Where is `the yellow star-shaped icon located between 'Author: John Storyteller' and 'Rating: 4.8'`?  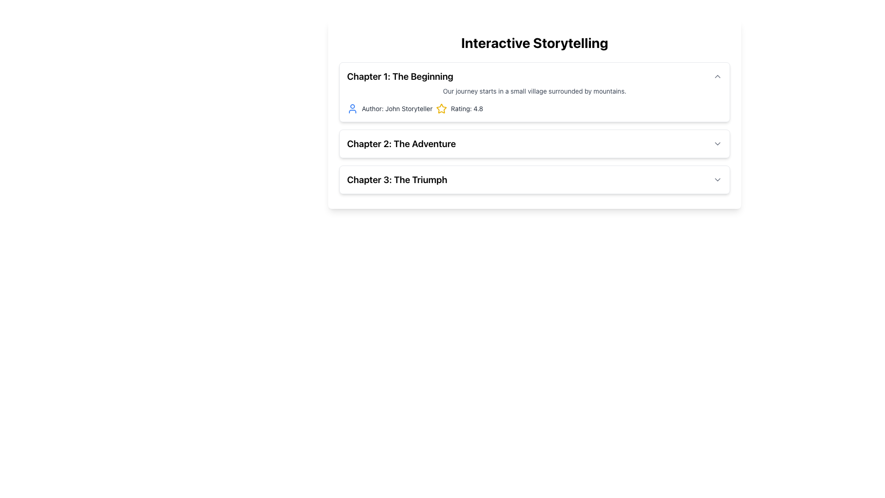 the yellow star-shaped icon located between 'Author: John Storyteller' and 'Rating: 4.8' is located at coordinates (441, 108).